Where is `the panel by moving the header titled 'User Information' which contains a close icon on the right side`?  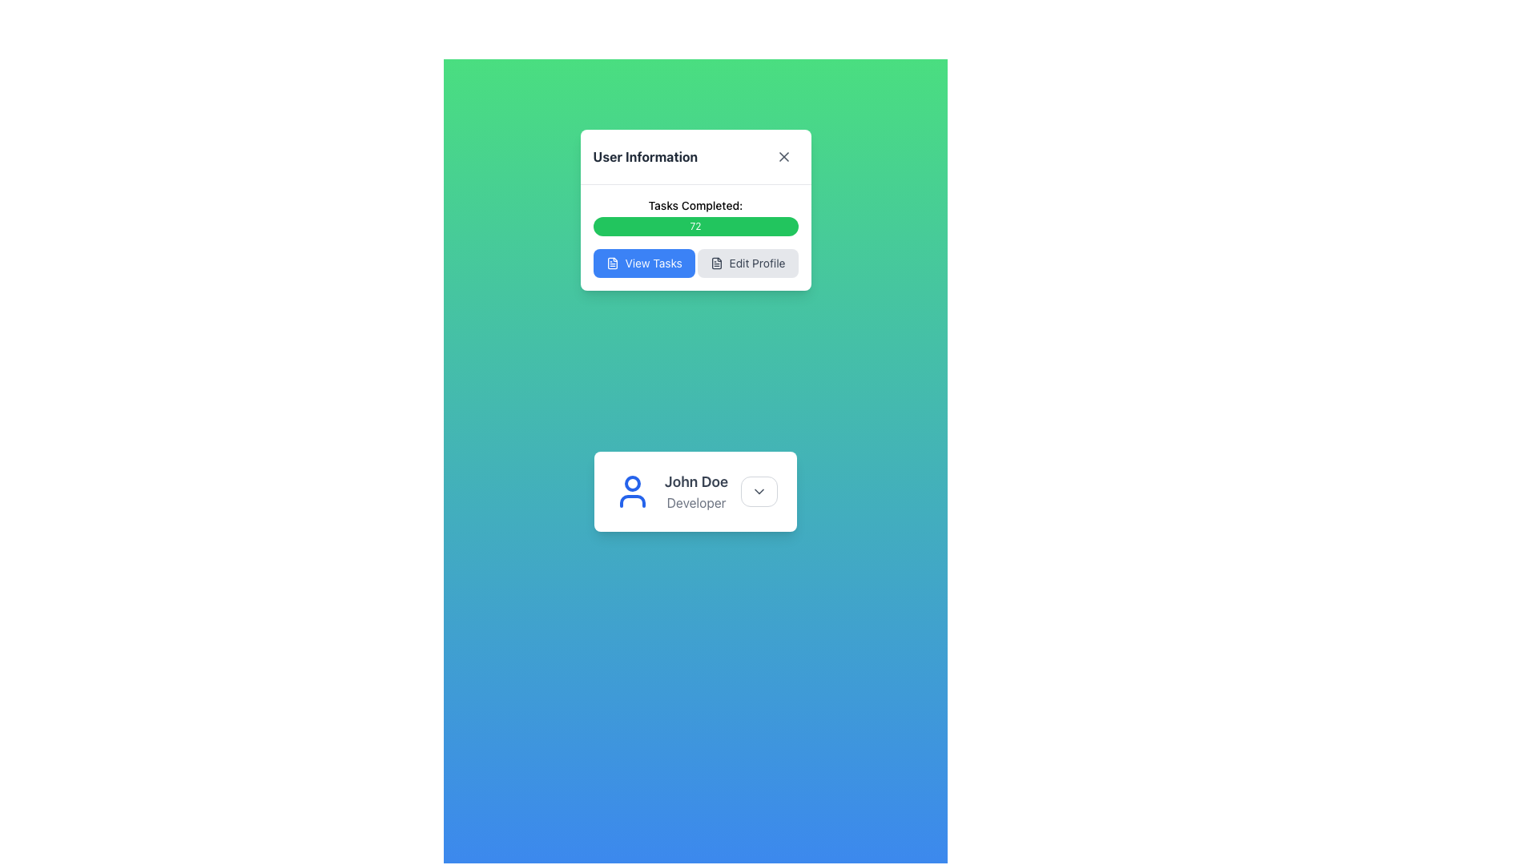
the panel by moving the header titled 'User Information' which contains a close icon on the right side is located at coordinates (695, 157).